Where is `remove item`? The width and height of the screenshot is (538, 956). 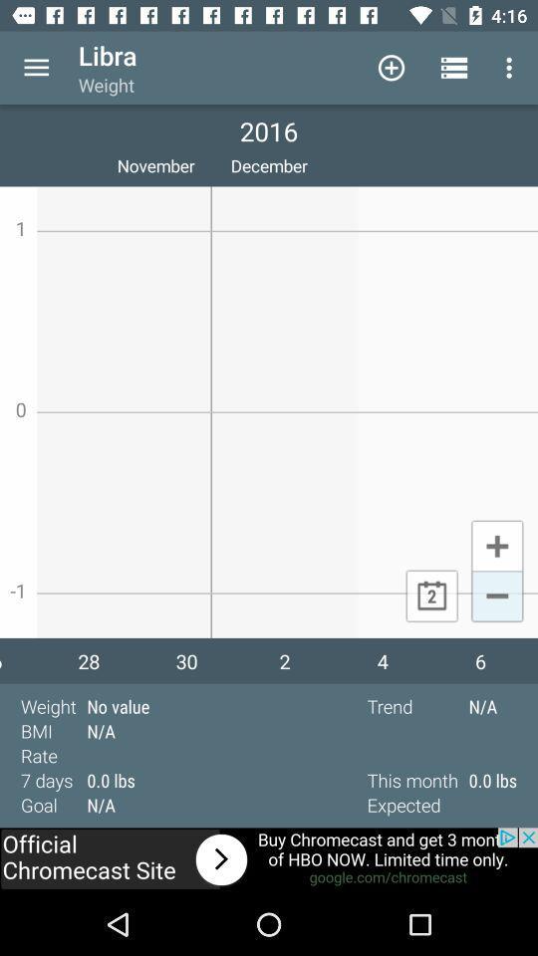
remove item is located at coordinates (496, 597).